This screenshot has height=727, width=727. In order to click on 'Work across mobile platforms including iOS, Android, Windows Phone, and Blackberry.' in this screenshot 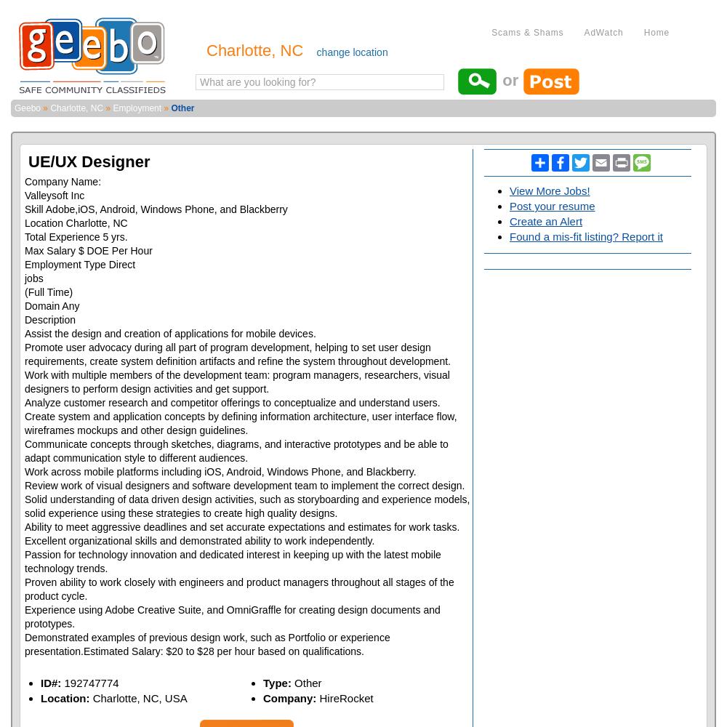, I will do `click(220, 472)`.